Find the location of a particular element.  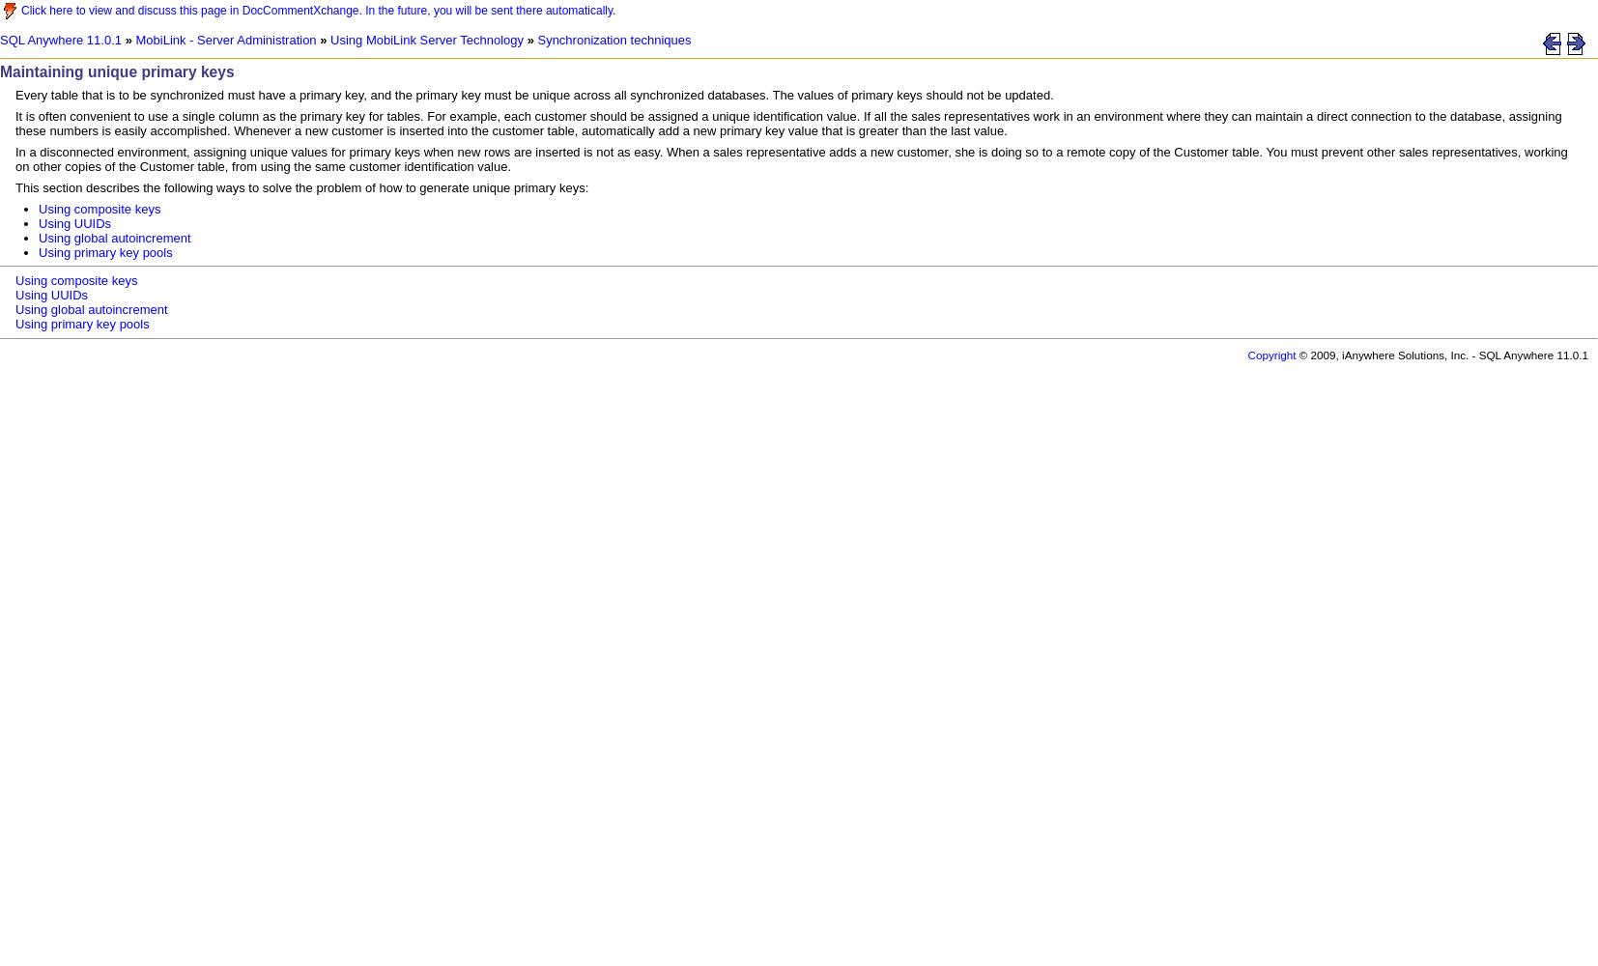

'Synchronization techniques' is located at coordinates (614, 40).